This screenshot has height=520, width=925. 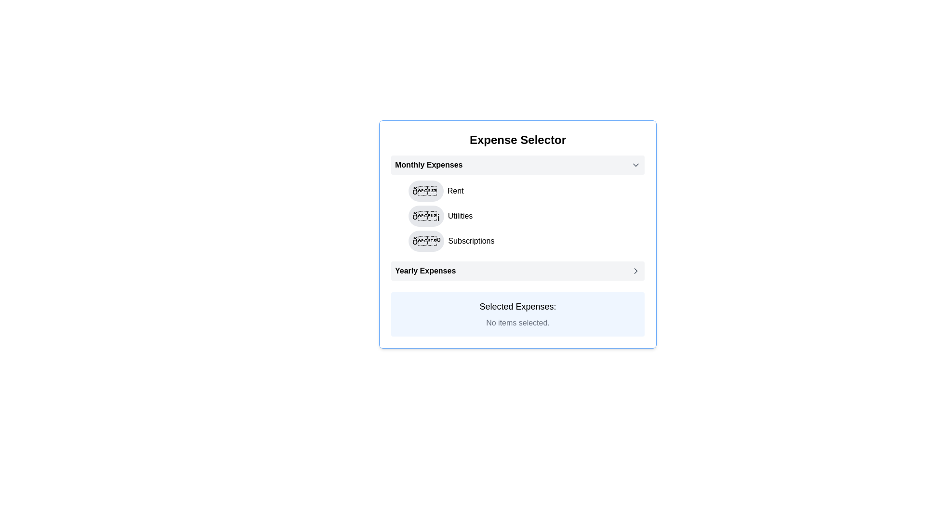 I want to click on the downward arrow-shaped icon located on the upper-right side of the 'Monthly Expenses' section header, adjacent to the text 'Monthly Expenses', so click(x=636, y=165).